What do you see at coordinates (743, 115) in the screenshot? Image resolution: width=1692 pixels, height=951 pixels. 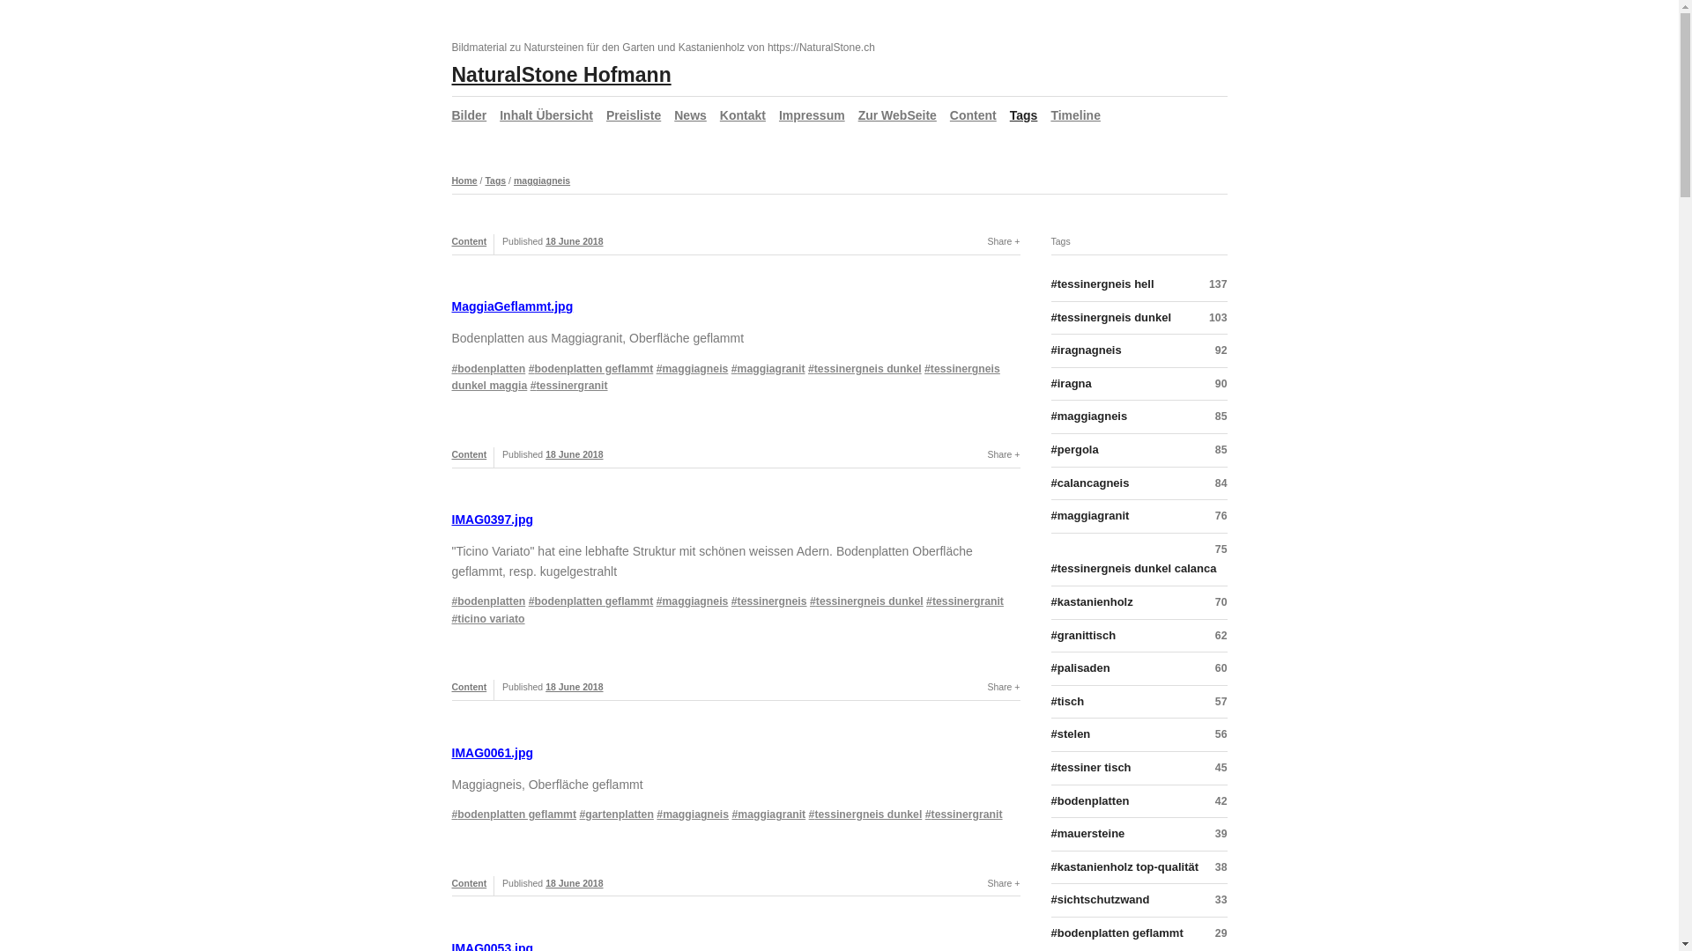 I see `'Kontakt'` at bounding box center [743, 115].